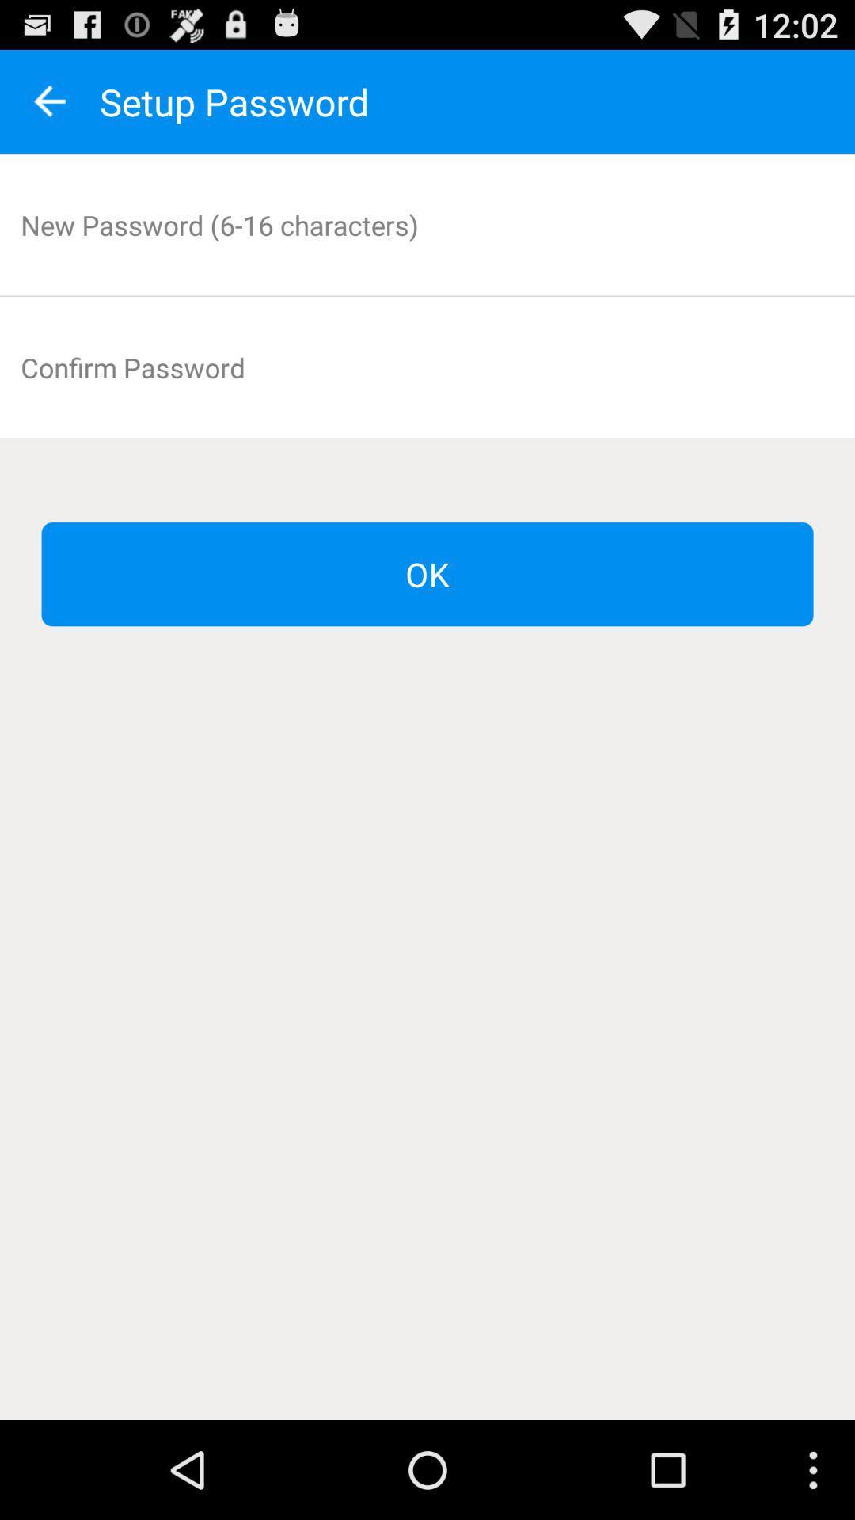 Image resolution: width=855 pixels, height=1520 pixels. What do you see at coordinates (427, 367) in the screenshot?
I see `confirm password` at bounding box center [427, 367].